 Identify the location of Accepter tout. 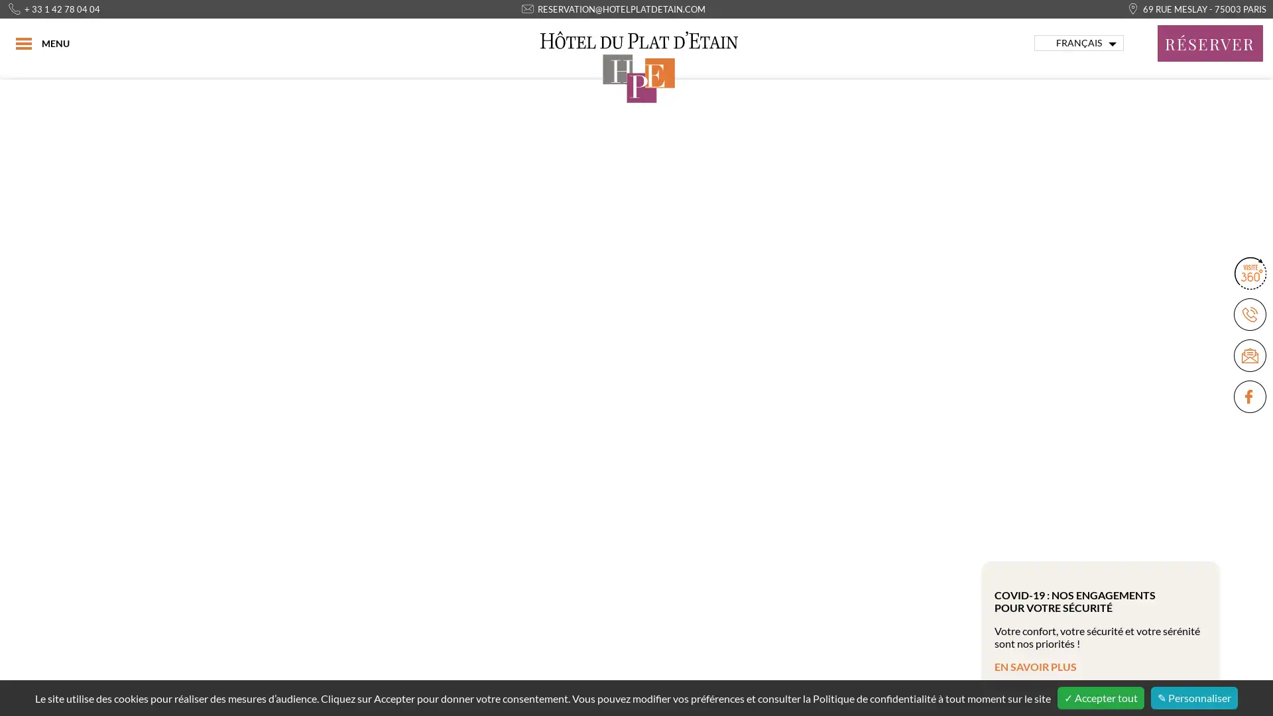
(1101, 697).